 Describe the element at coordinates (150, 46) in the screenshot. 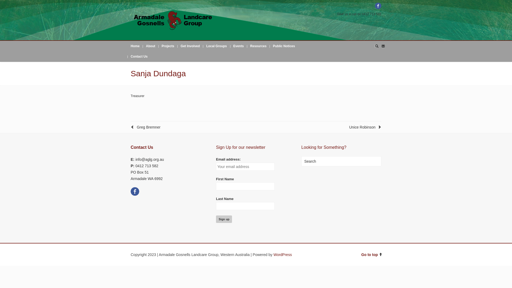

I see `'About'` at that location.